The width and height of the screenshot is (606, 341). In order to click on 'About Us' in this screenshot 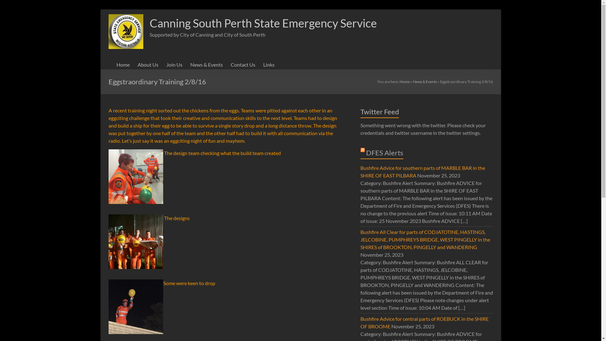, I will do `click(137, 64)`.